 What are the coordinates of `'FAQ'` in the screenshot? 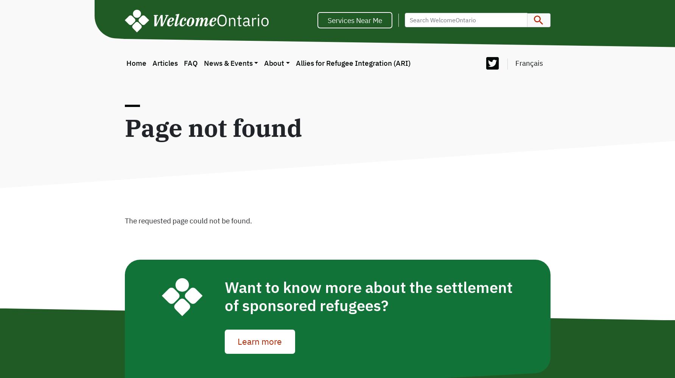 It's located at (190, 63).